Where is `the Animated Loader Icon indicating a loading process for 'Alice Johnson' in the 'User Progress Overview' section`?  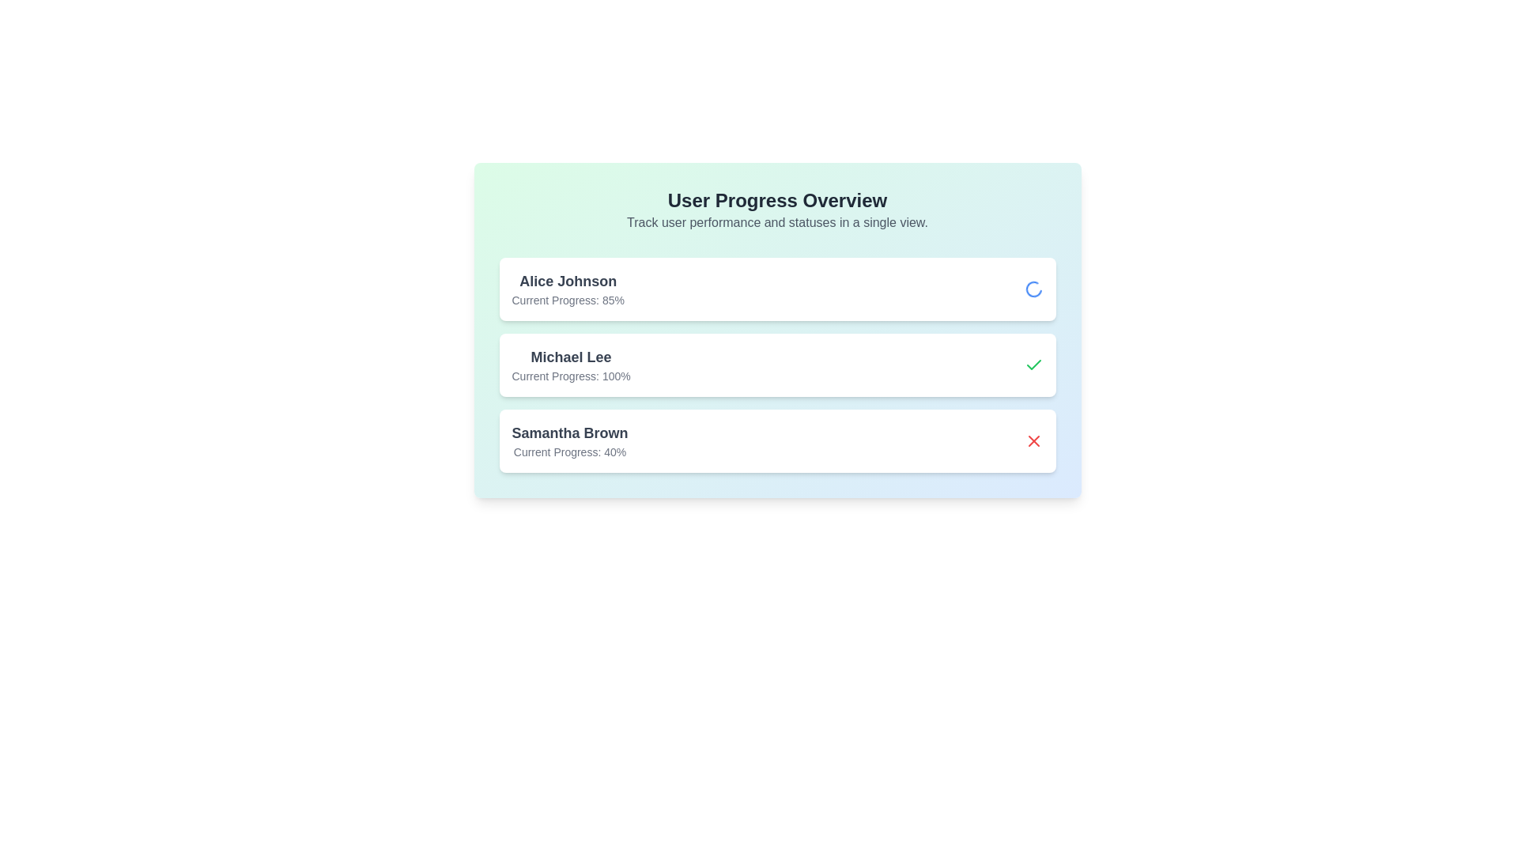 the Animated Loader Icon indicating a loading process for 'Alice Johnson' in the 'User Progress Overview' section is located at coordinates (1033, 289).